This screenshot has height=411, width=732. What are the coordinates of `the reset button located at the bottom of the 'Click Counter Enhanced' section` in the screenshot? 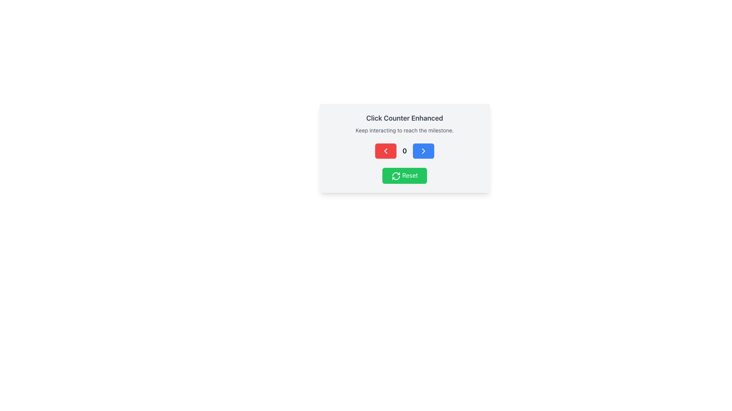 It's located at (404, 175).